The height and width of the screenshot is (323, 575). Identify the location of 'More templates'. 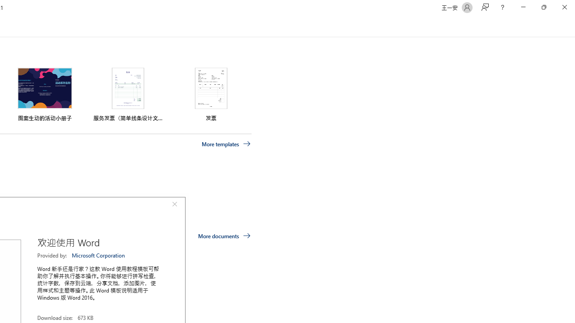
(226, 144).